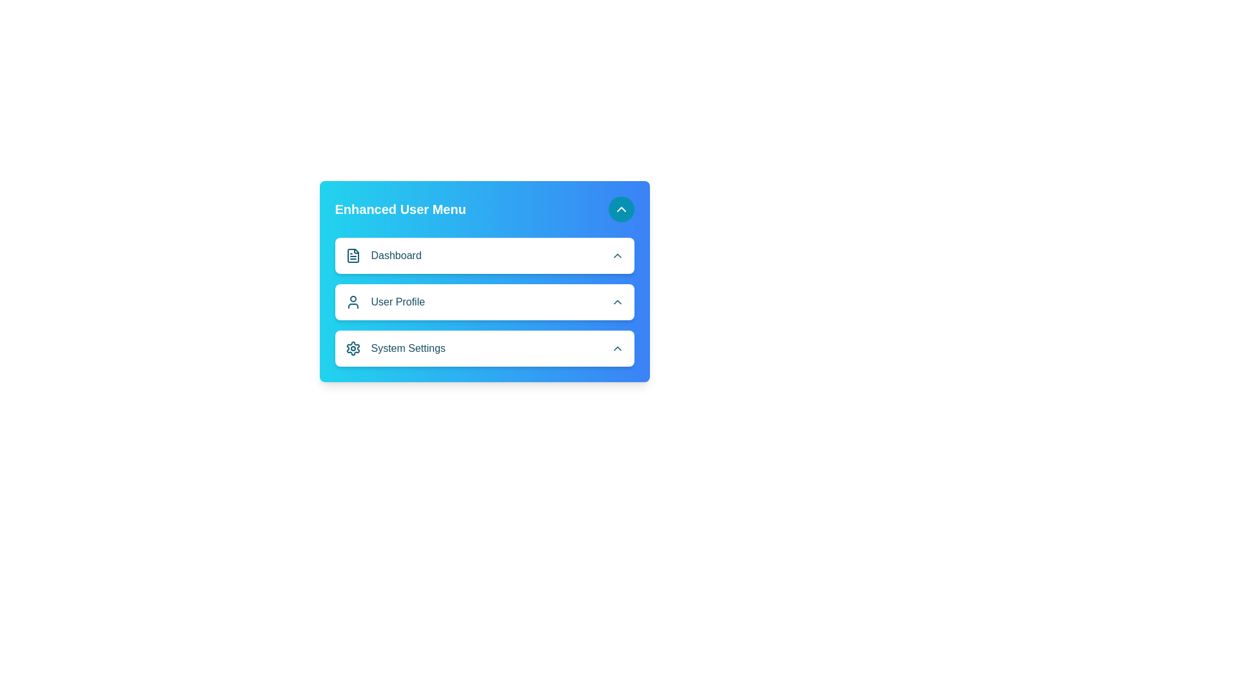 The width and height of the screenshot is (1238, 696). Describe the element at coordinates (353, 256) in the screenshot. I see `the 'Dashboard' icon in the 'Enhanced User Menu', which is the first icon in the menu list` at that location.